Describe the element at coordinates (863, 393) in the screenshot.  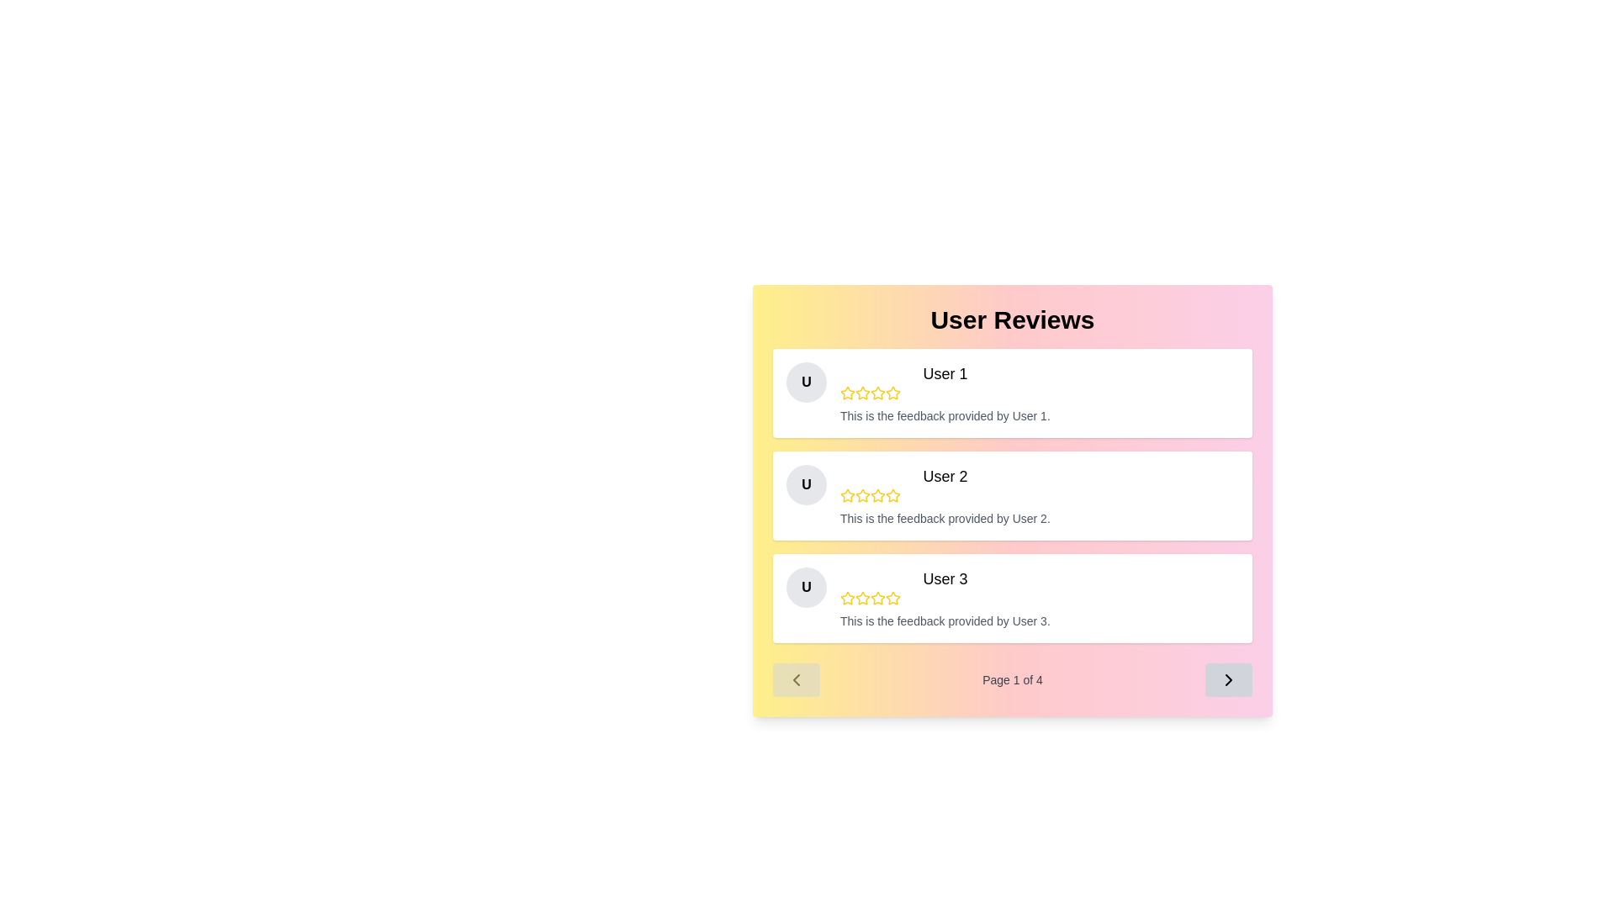
I see `the second rating star in the user reviews section` at that location.